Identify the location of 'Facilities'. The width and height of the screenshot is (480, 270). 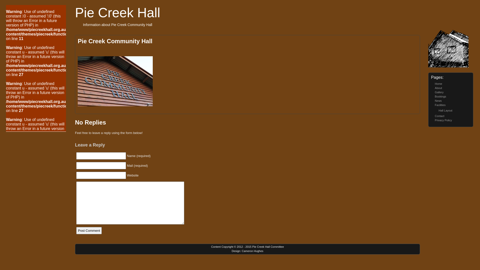
(440, 105).